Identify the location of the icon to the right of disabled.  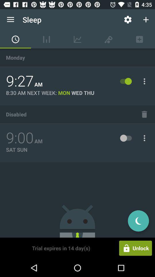
(144, 114).